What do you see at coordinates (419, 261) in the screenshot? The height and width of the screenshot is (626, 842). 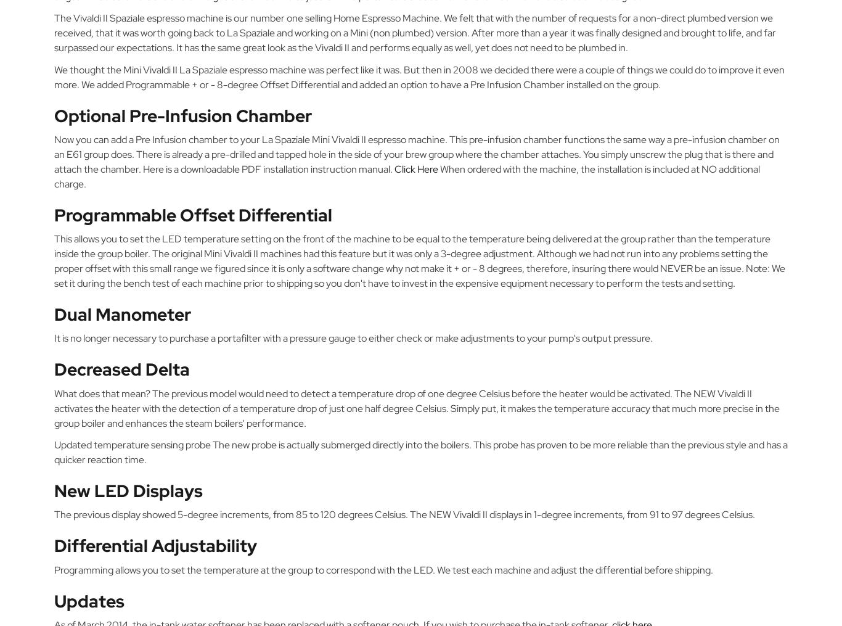 I see `'This allows you to set the LED temperature setting on the front of the machine to be equal to the temperature being delivered at the group rather than the temperature inside the group boiler. The original Mini Vivaldi II machines had this feature but it was only a 3-degree adjustment. Although we had not run into any problems setting the proper offset with this small range we figured since it is only a software change why not make it + or - 8 degrees, therefore, insuring there would NEVER be an issue. Note: We set it during the bench test of each machine prior to shipping so you don't have to invest in the expensive equipment necessary to perform the tests and setting.'` at bounding box center [419, 261].